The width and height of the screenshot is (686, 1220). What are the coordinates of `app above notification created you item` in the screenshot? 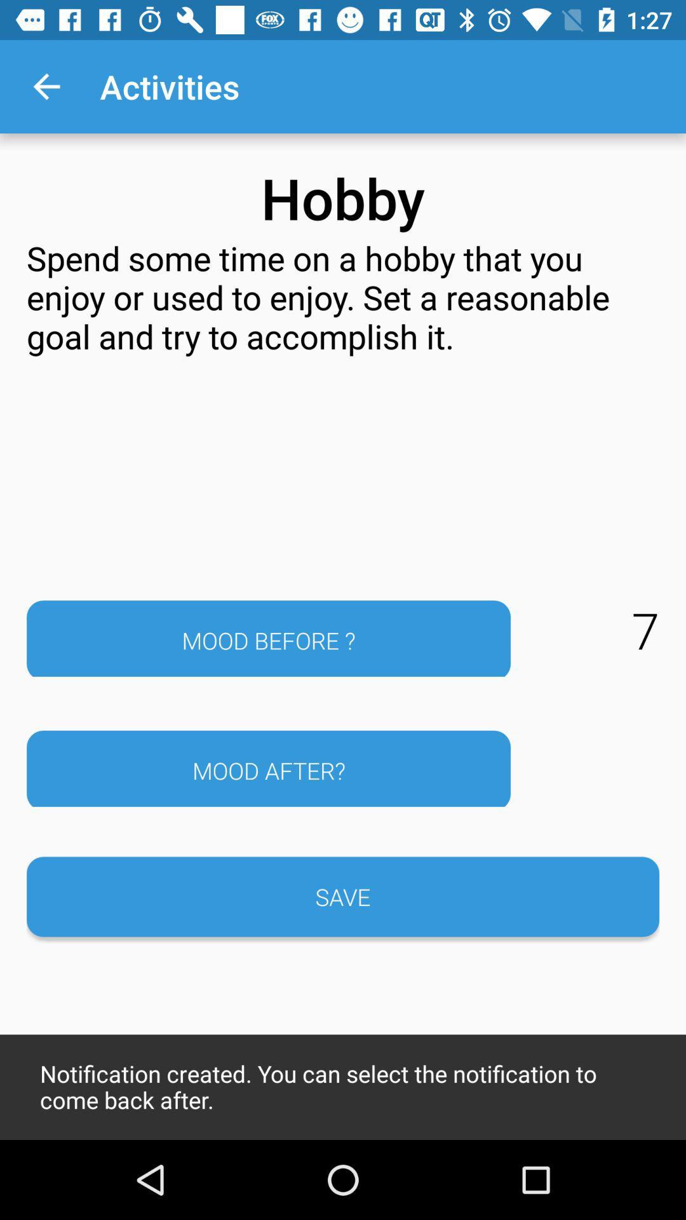 It's located at (343, 896).